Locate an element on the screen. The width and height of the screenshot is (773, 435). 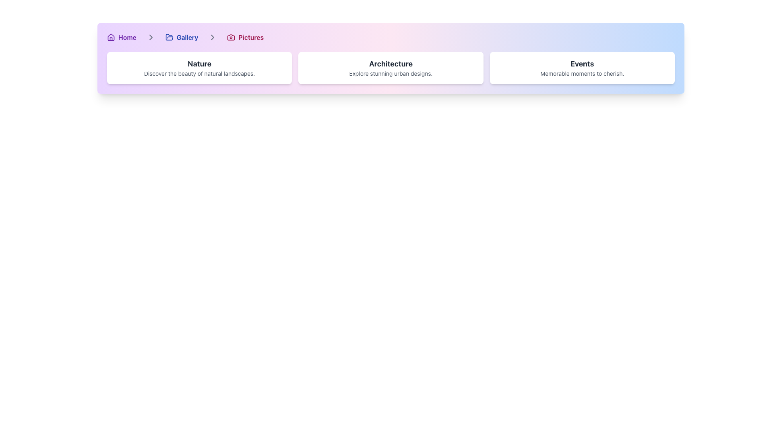
the informative card about Architecture, which is the second card in a grid layout between the Nature and Events cards is located at coordinates (391, 68).